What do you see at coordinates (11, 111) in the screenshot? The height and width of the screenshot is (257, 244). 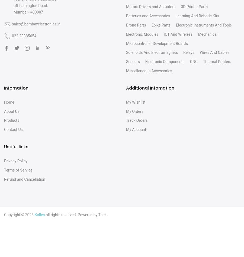 I see `'About Us'` at bounding box center [11, 111].